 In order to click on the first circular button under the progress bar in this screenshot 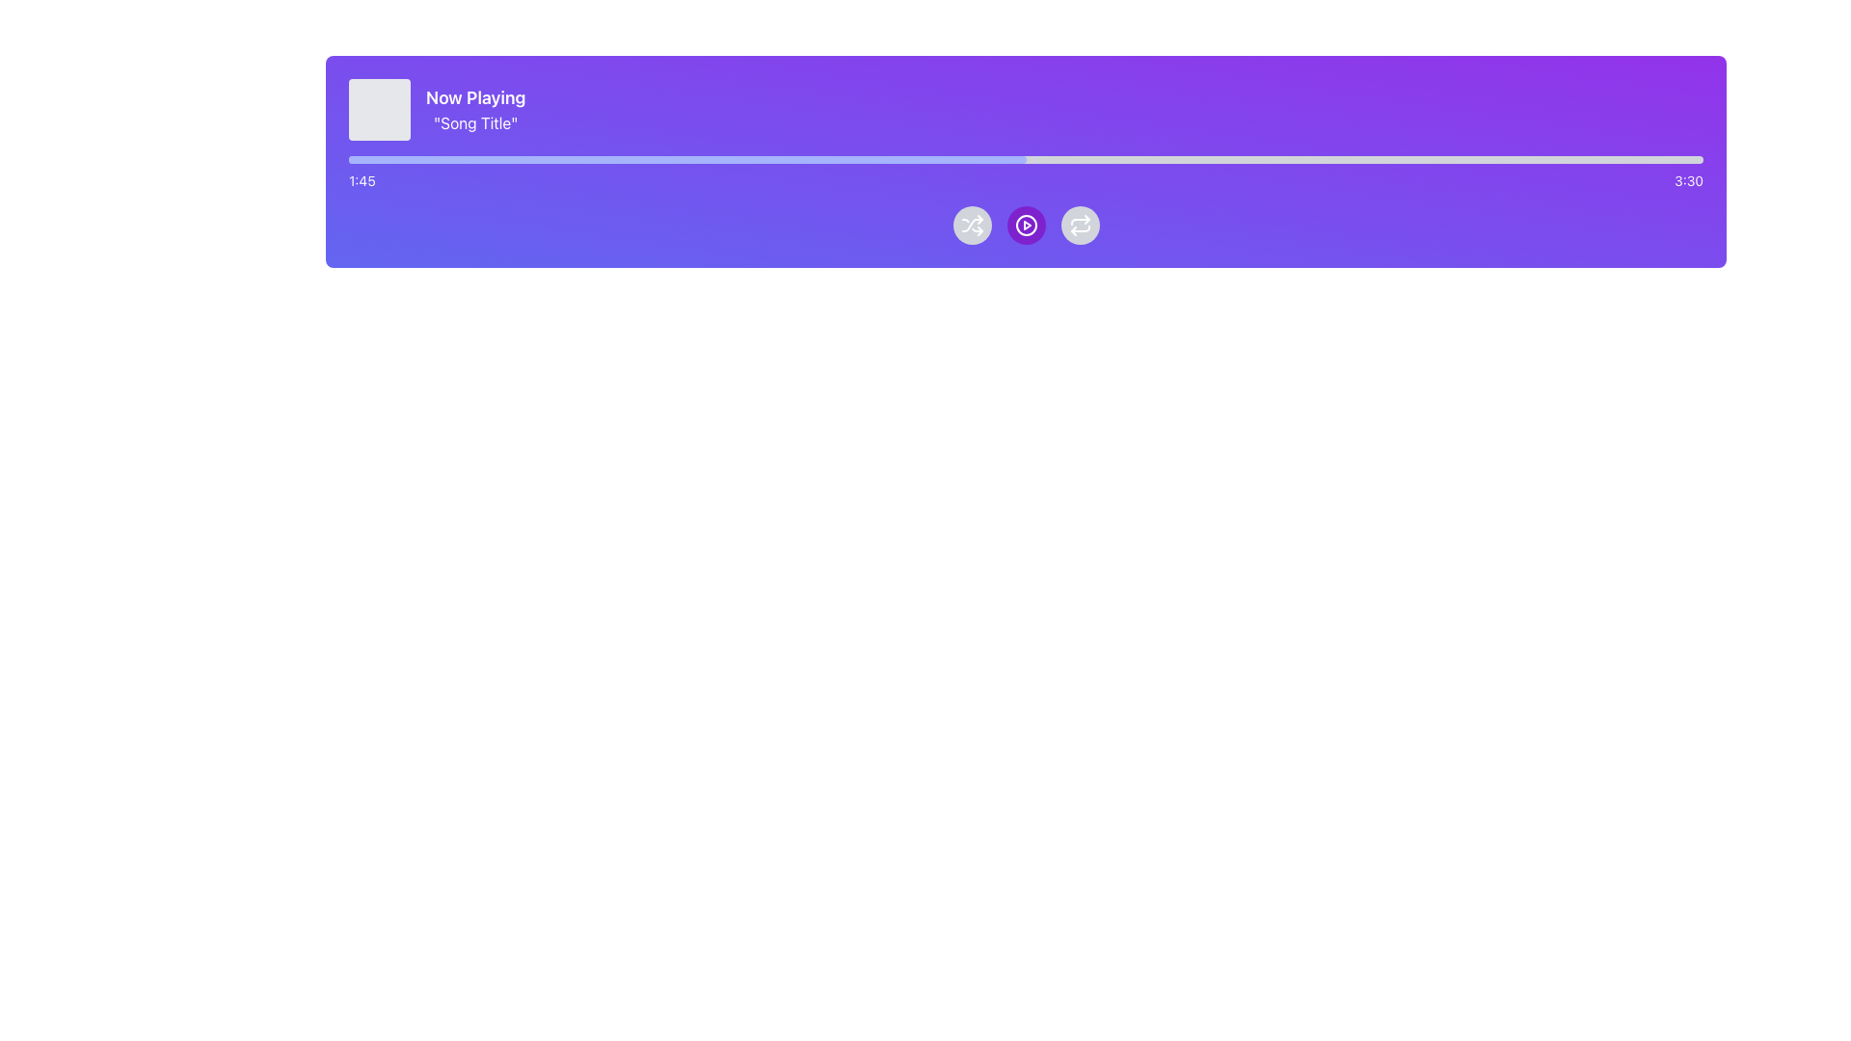, I will do `click(972, 225)`.